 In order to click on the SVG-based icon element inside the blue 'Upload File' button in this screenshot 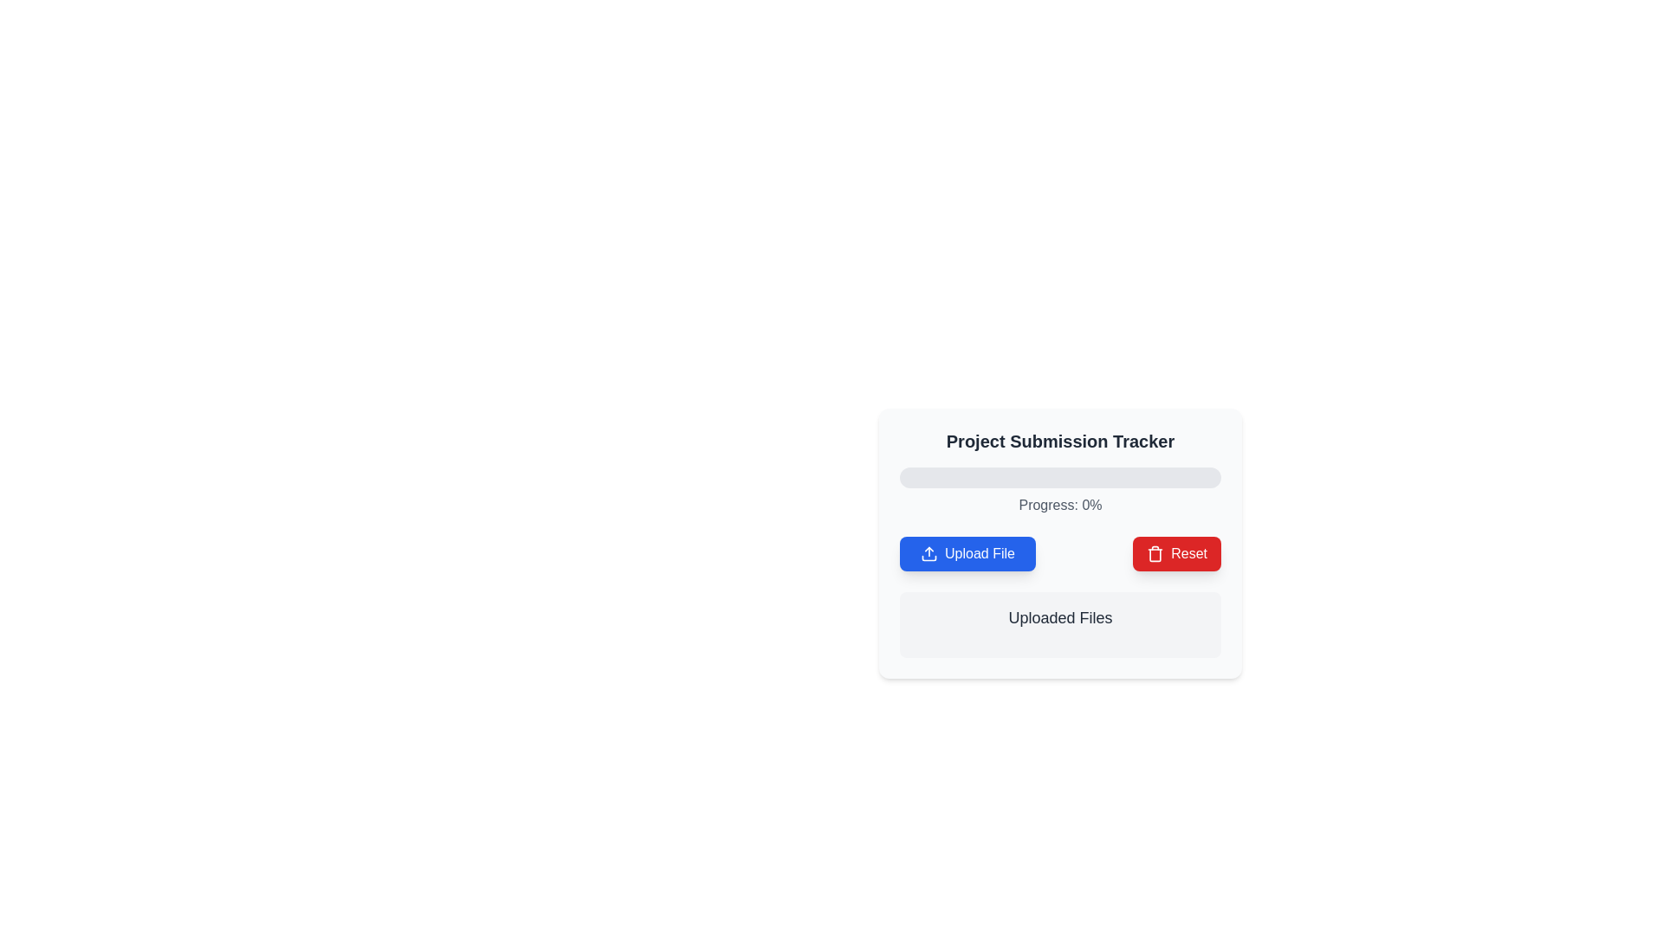, I will do `click(929, 554)`.